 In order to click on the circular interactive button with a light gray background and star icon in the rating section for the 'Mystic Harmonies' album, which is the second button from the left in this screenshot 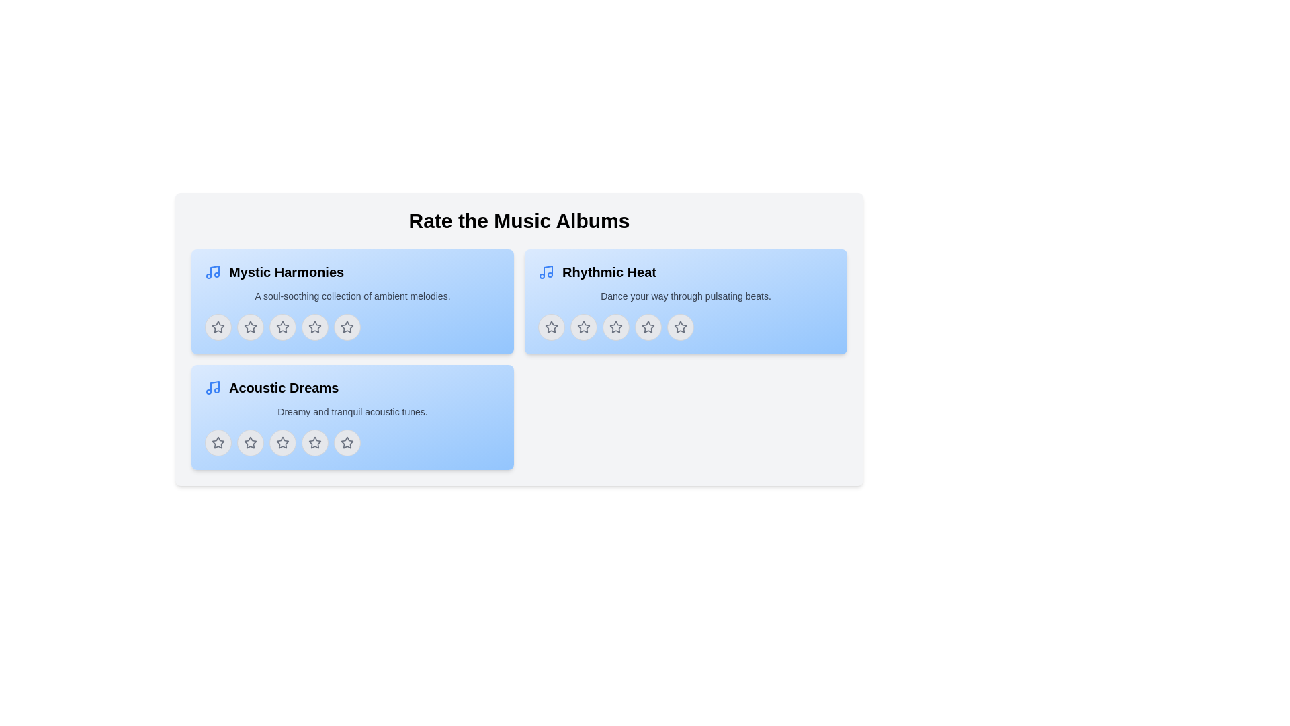, I will do `click(251, 327)`.